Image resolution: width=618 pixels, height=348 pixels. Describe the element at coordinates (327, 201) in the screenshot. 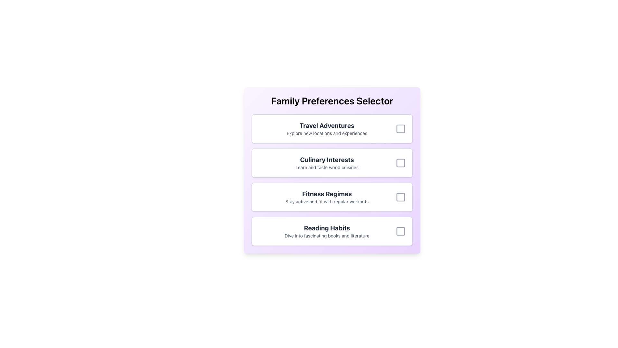

I see `the static text element that provides additional information about the 'Fitness Regimes' category, which is positioned directly beneath the bold text 'Fitness Regimes'` at that location.